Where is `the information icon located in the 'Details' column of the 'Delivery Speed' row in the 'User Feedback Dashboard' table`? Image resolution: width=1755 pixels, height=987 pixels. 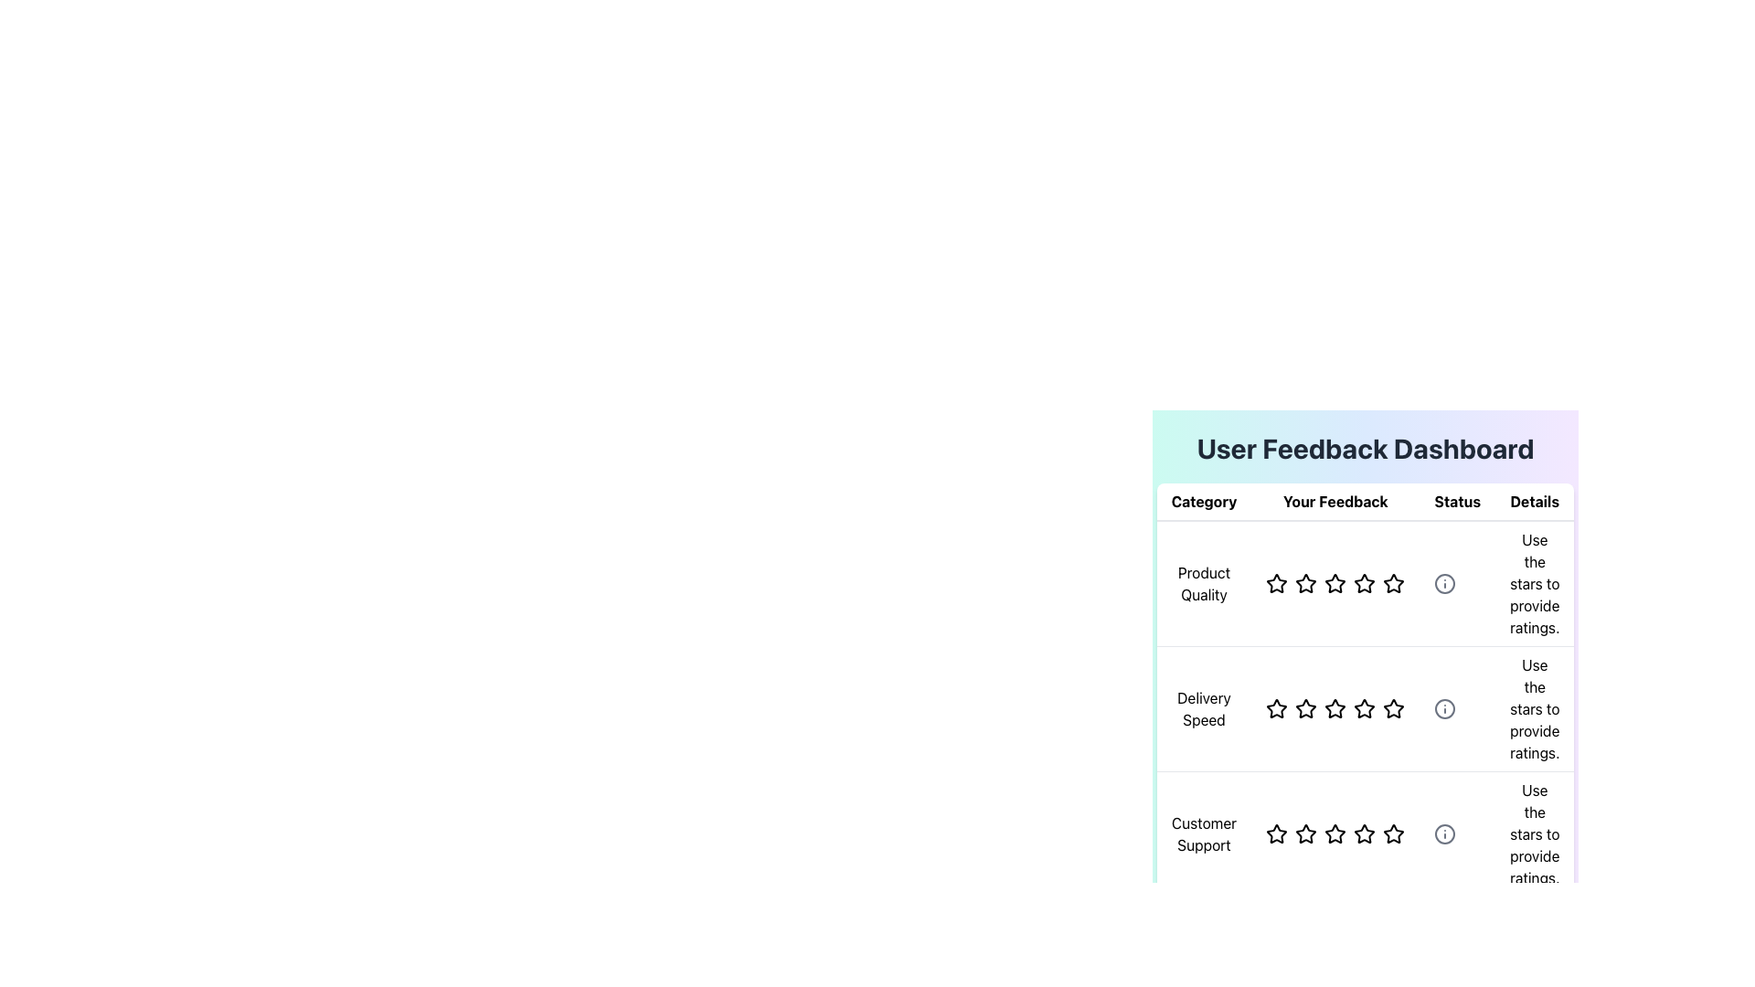 the information icon located in the 'Details' column of the 'Delivery Speed' row in the 'User Feedback Dashboard' table is located at coordinates (1444, 707).